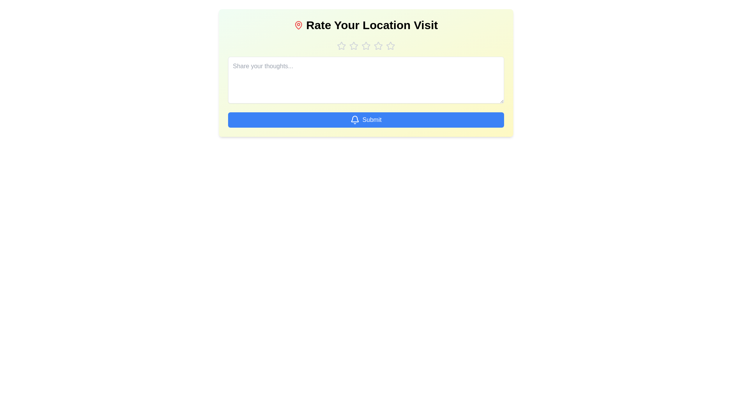 The image size is (736, 414). Describe the element at coordinates (390, 46) in the screenshot. I see `the star corresponding to 5 to preview the rating effect` at that location.